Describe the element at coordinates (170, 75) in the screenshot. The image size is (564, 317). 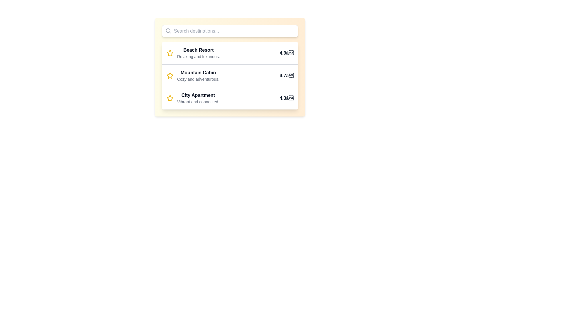
I see `the yellow star-shaped icon with a decorative design, located to the left of the text 'Mountain Cabin' and aligned with the rating value '4.7'` at that location.